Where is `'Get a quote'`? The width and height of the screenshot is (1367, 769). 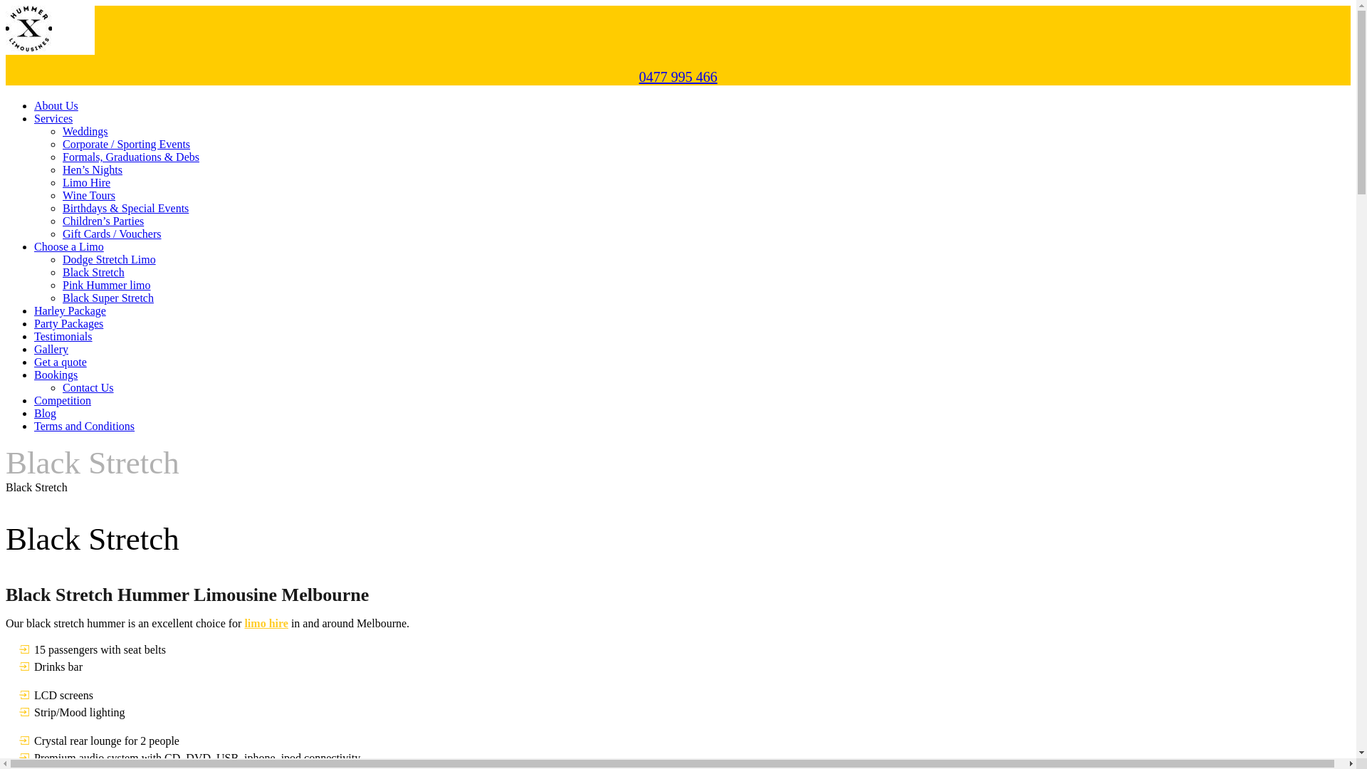 'Get a quote' is located at coordinates (60, 361).